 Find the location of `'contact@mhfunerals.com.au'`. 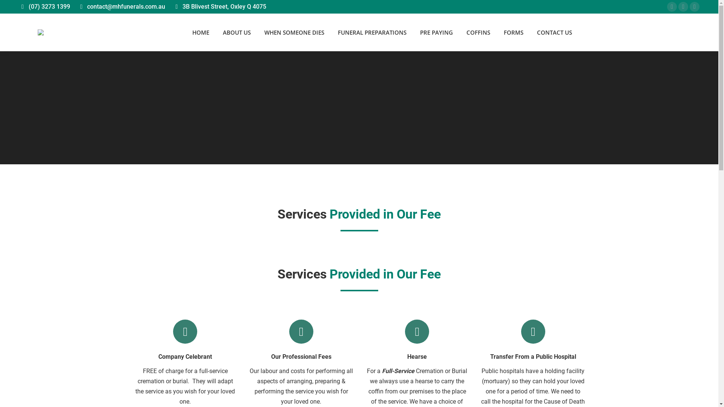

'contact@mhfunerals.com.au' is located at coordinates (126, 7).